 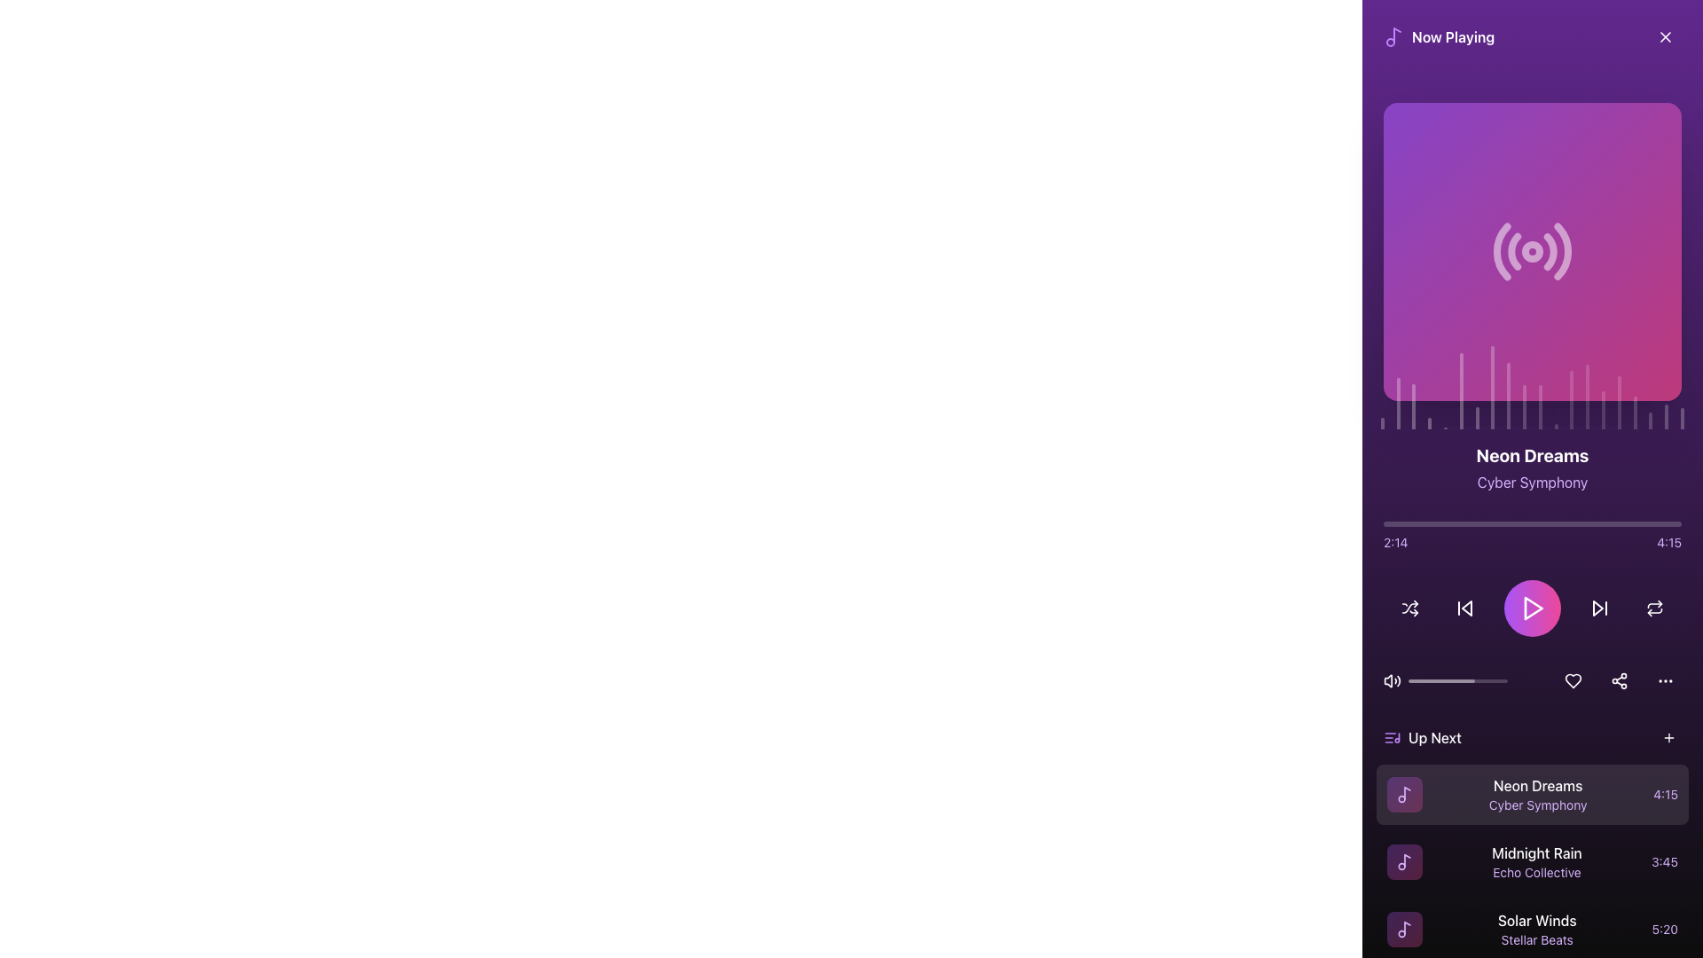 What do you see at coordinates (1574, 679) in the screenshot?
I see `the heart icon button located in the row of interactive controls near the bottom of the panel to like or unlike the current track` at bounding box center [1574, 679].